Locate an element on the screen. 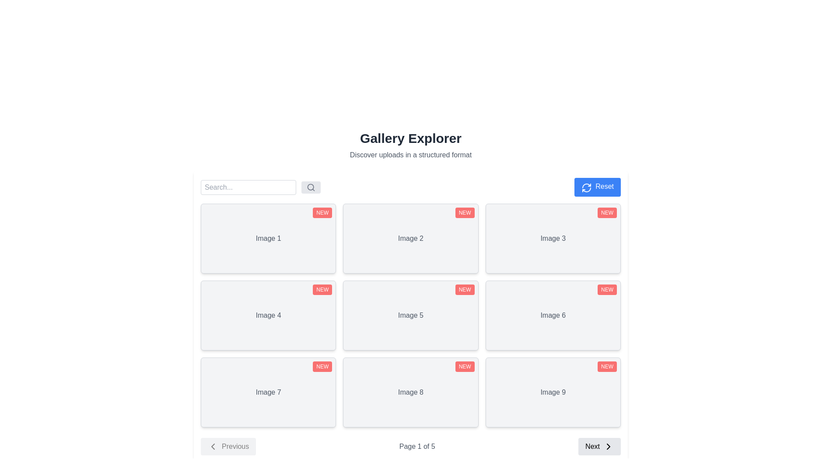 The image size is (840, 472). the 'Previous' button icon located at the bottom left of the interface, which allows users is located at coordinates (213, 447).